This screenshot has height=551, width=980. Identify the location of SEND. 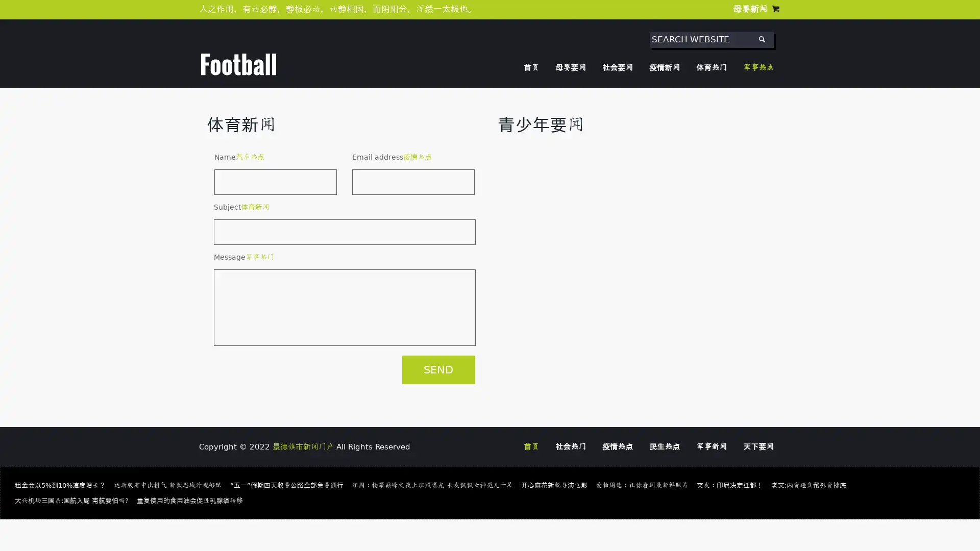
(438, 369).